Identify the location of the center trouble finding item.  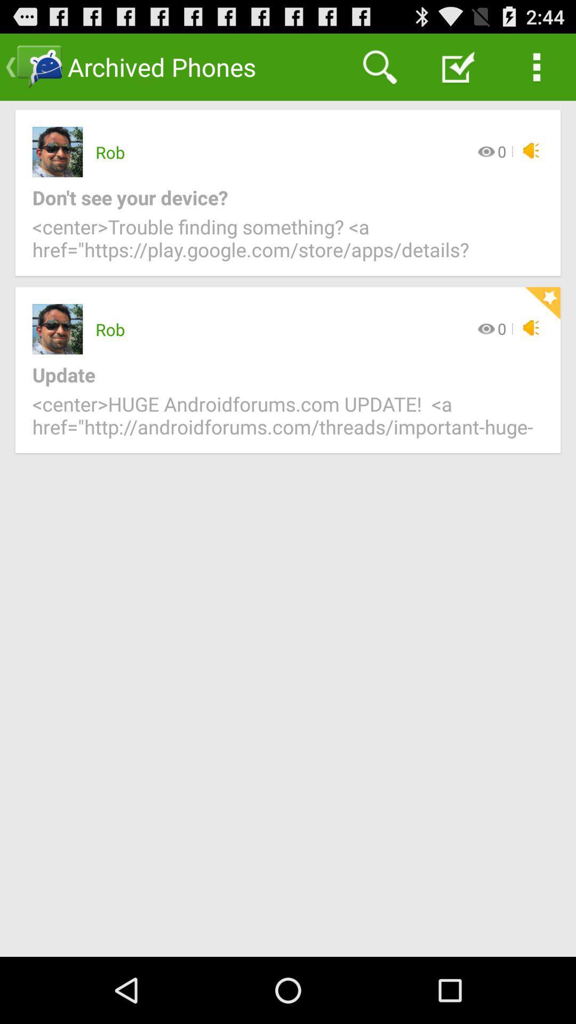
(288, 244).